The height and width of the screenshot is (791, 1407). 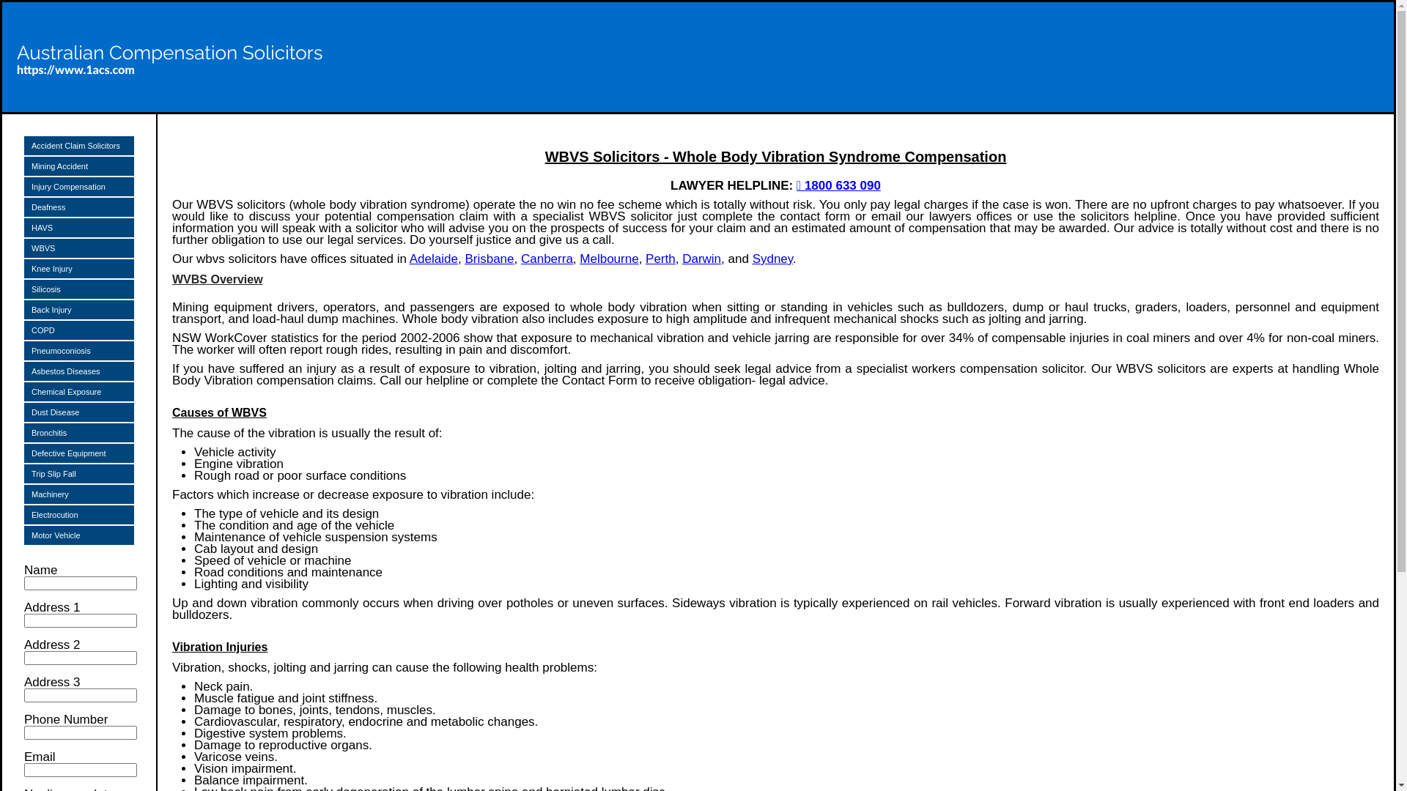 What do you see at coordinates (78, 289) in the screenshot?
I see `'Silicosis'` at bounding box center [78, 289].